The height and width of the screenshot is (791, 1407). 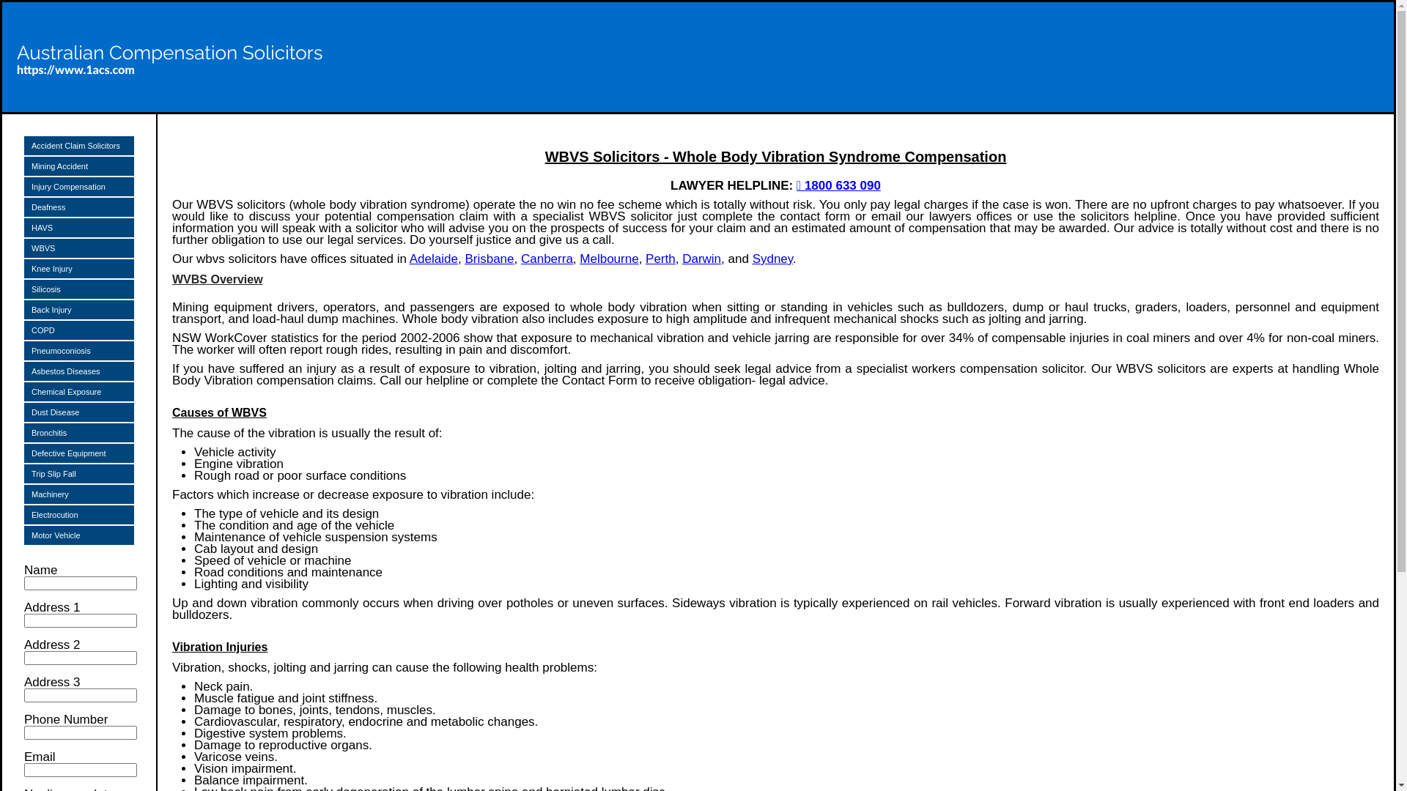 What do you see at coordinates (78, 289) in the screenshot?
I see `'Silicosis'` at bounding box center [78, 289].